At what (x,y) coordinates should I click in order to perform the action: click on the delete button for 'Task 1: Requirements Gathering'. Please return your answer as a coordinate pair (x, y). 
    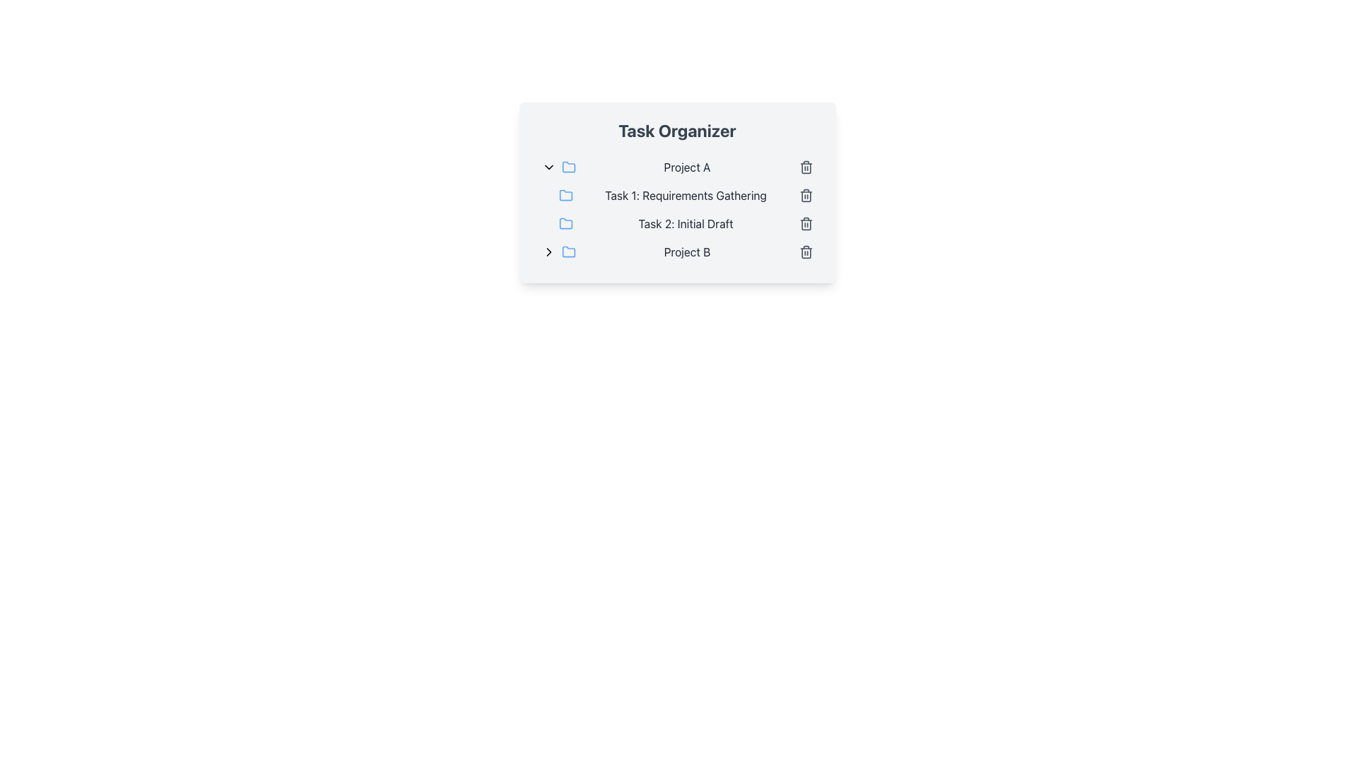
    Looking at the image, I should click on (806, 196).